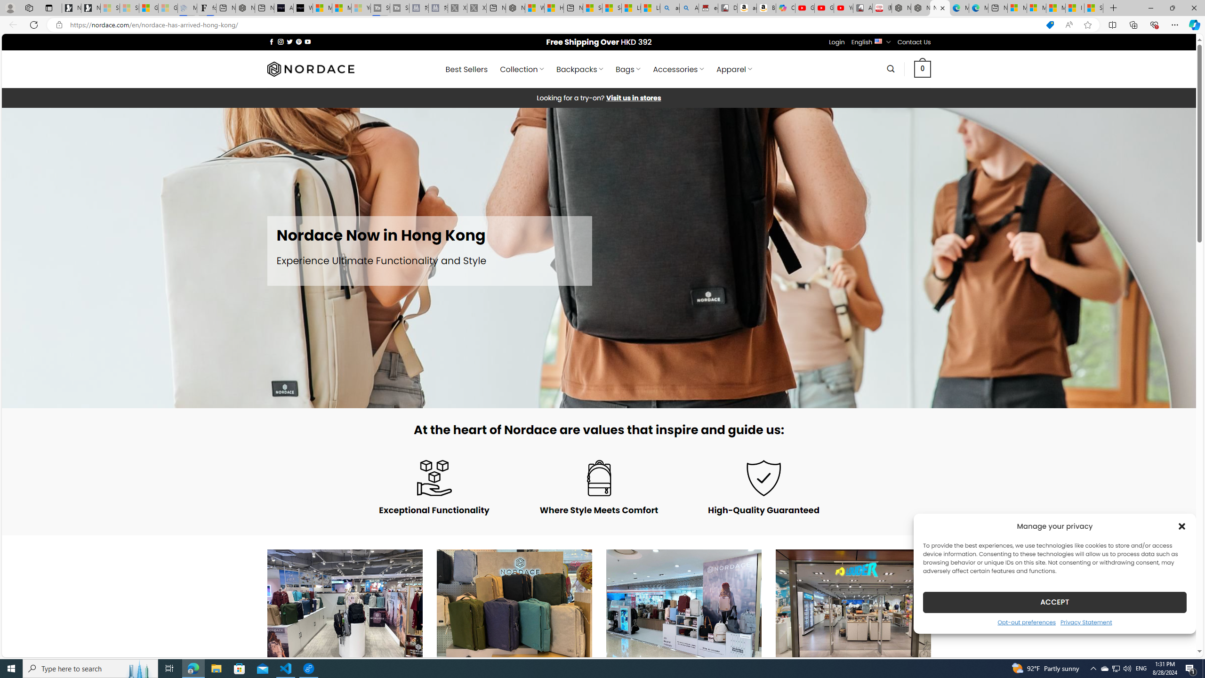  I want to click on 'I Gained 20 Pounds of Muscle in 30 Days! | Watch', so click(1074, 8).